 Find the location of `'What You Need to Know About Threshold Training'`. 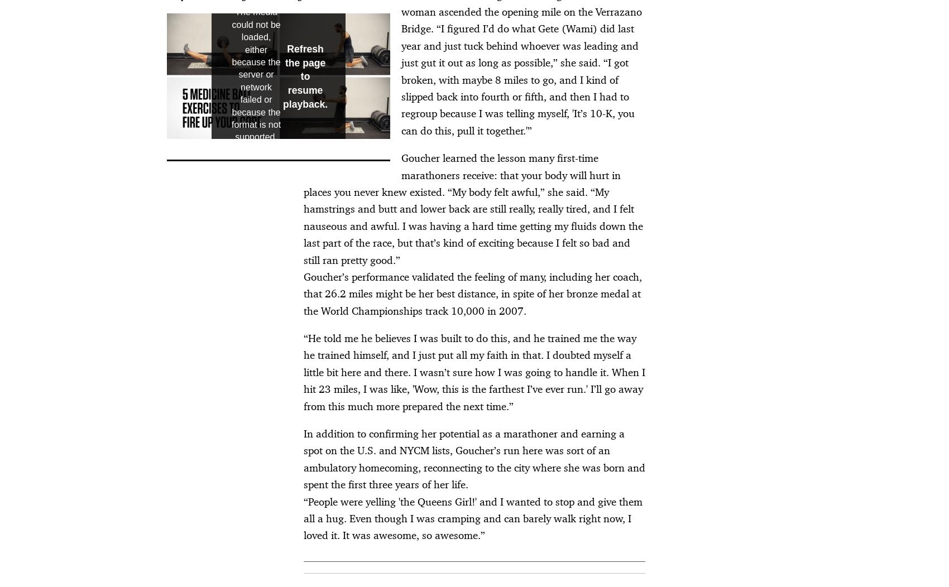

'What You Need to Know About Threshold Training' is located at coordinates (213, 122).